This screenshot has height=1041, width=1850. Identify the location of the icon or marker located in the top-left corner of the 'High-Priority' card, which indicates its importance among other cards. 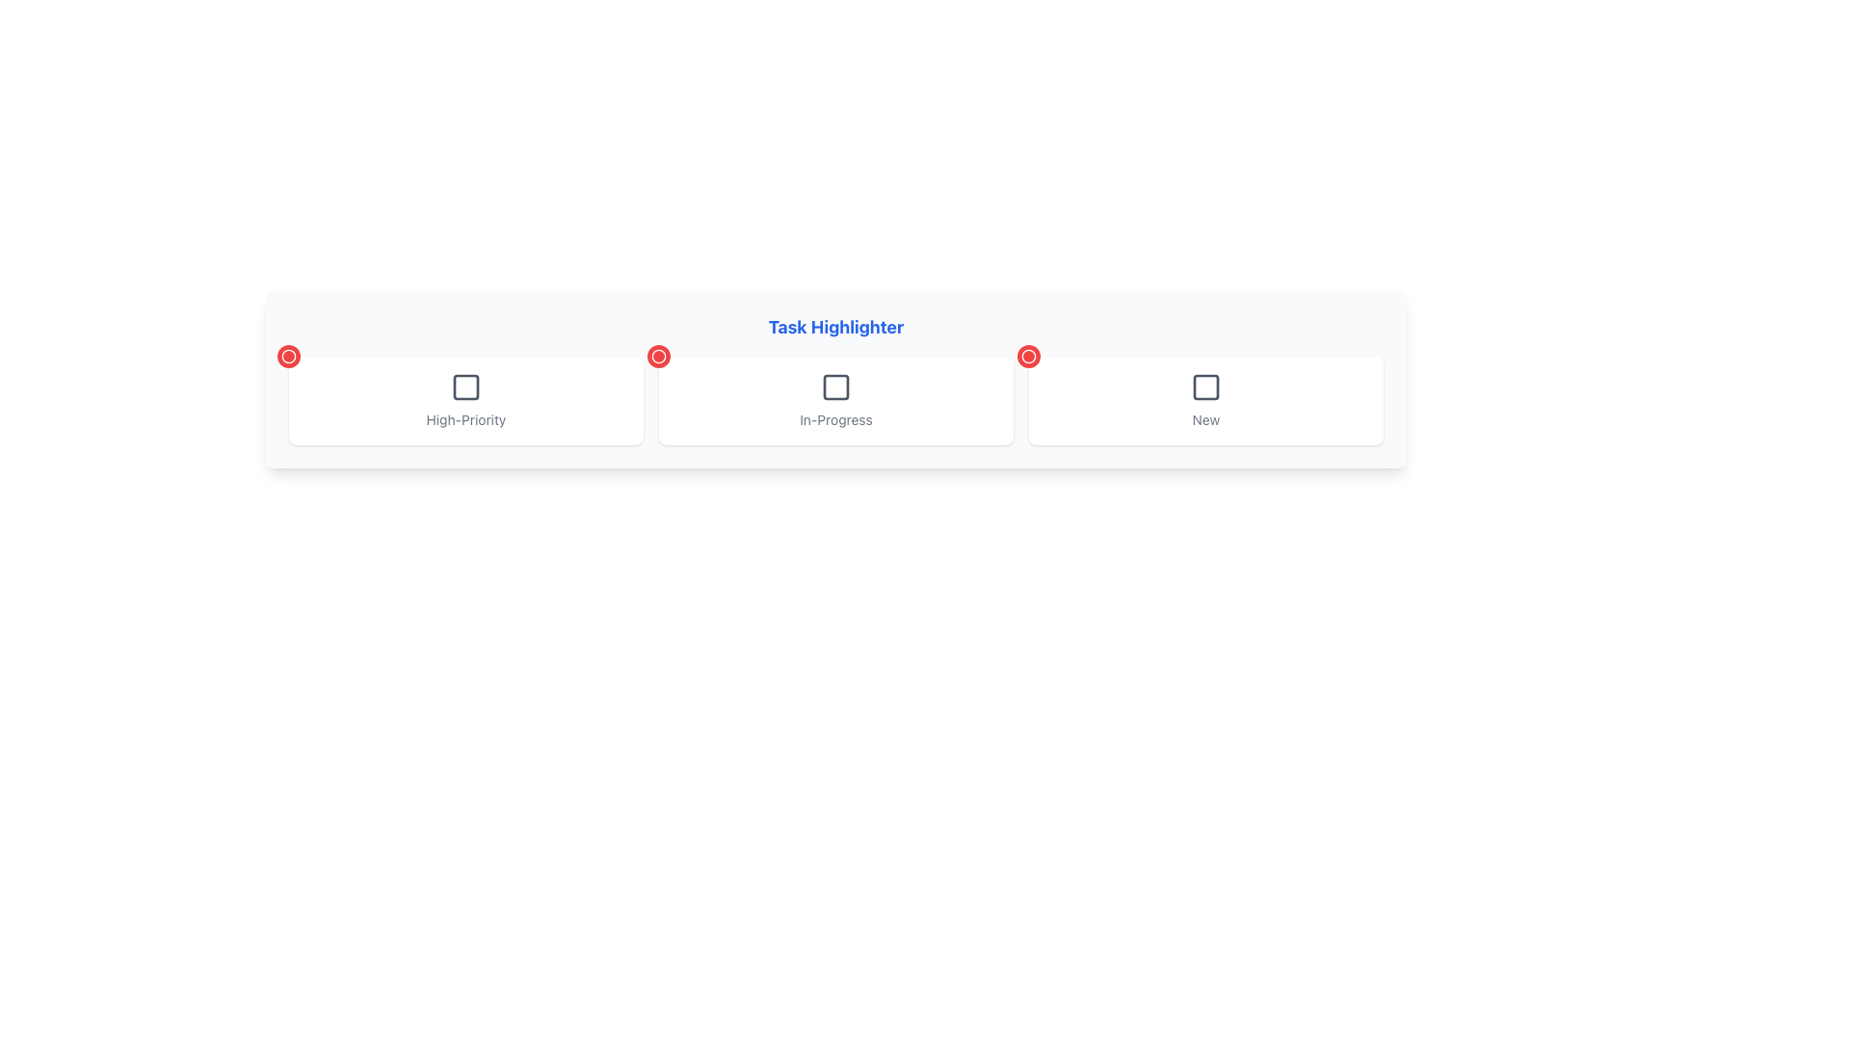
(287, 357).